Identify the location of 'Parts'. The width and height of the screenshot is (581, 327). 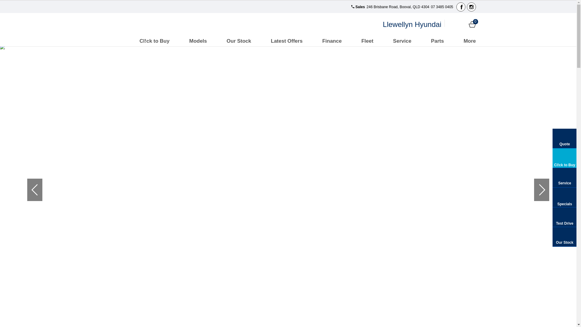
(437, 41).